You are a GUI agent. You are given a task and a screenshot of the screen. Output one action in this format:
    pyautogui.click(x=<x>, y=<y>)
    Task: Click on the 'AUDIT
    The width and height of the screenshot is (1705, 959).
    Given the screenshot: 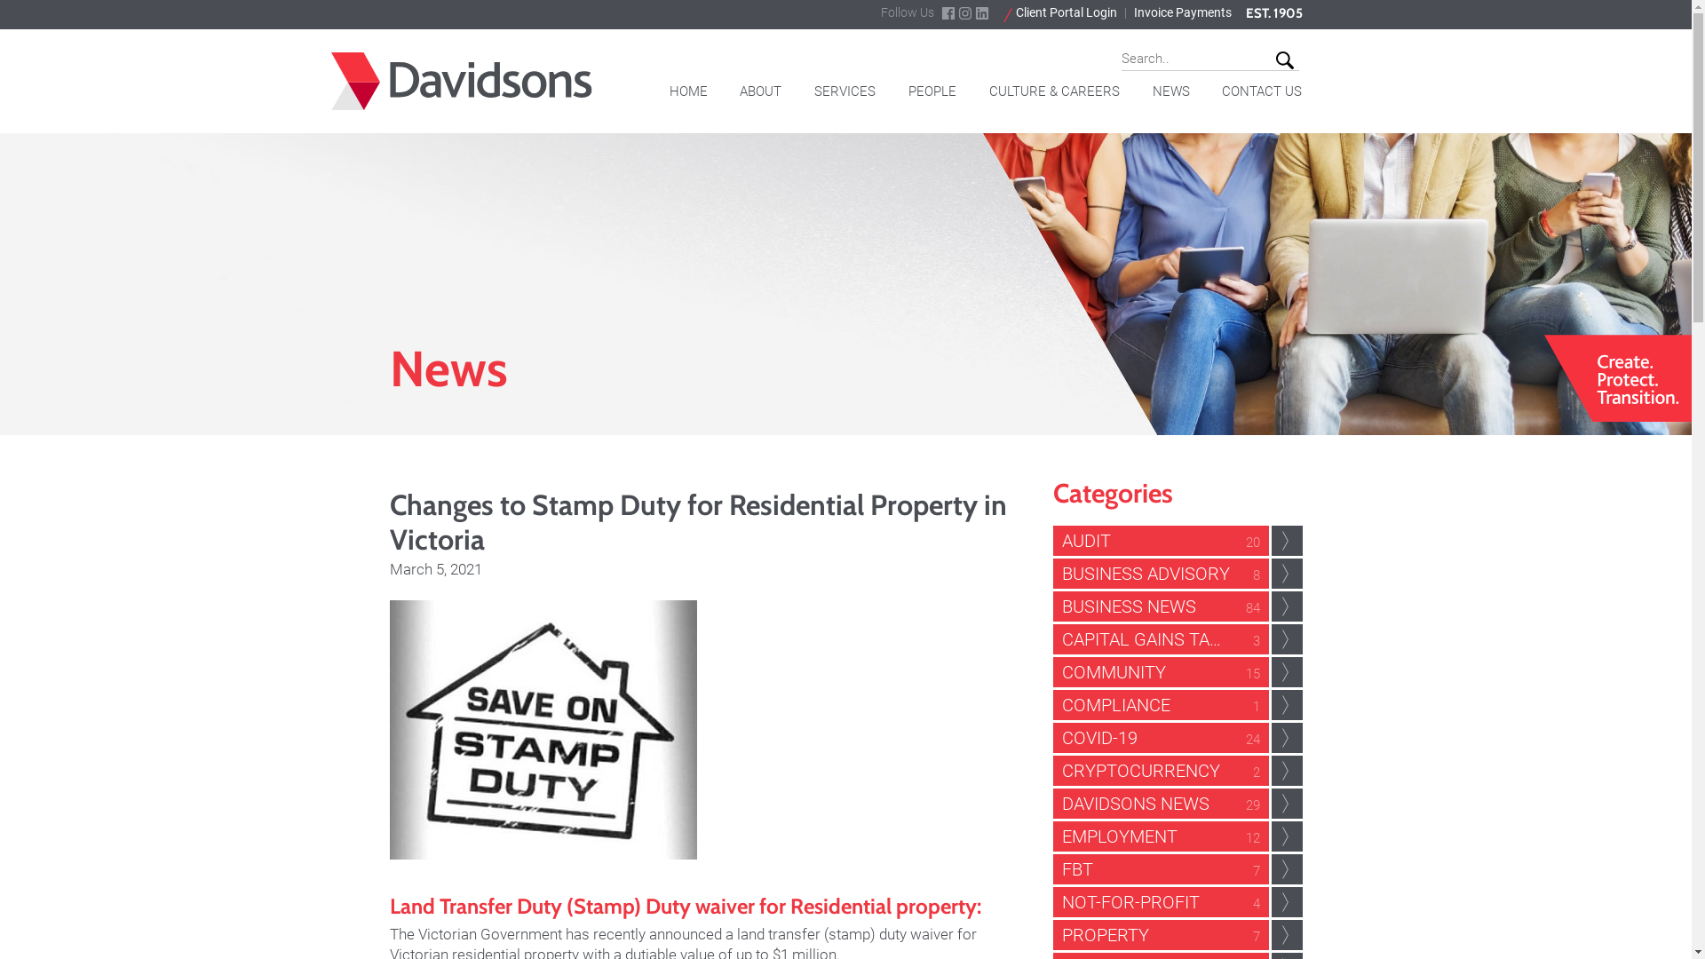 What is the action you would take?
    pyautogui.click(x=1052, y=540)
    